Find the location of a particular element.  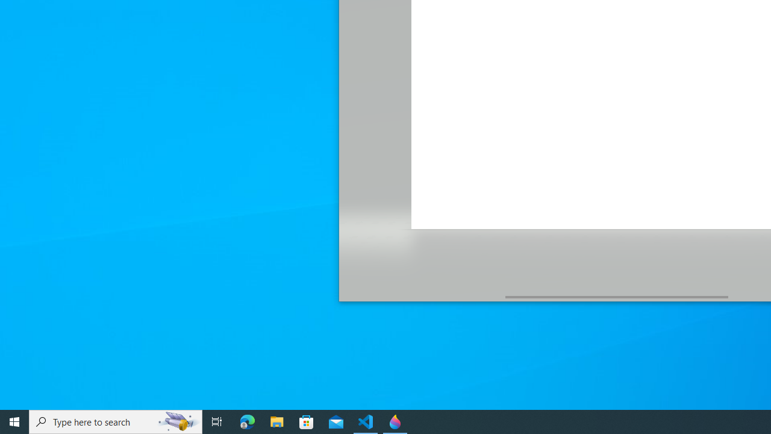

'Type here to search' is located at coordinates (116, 421).